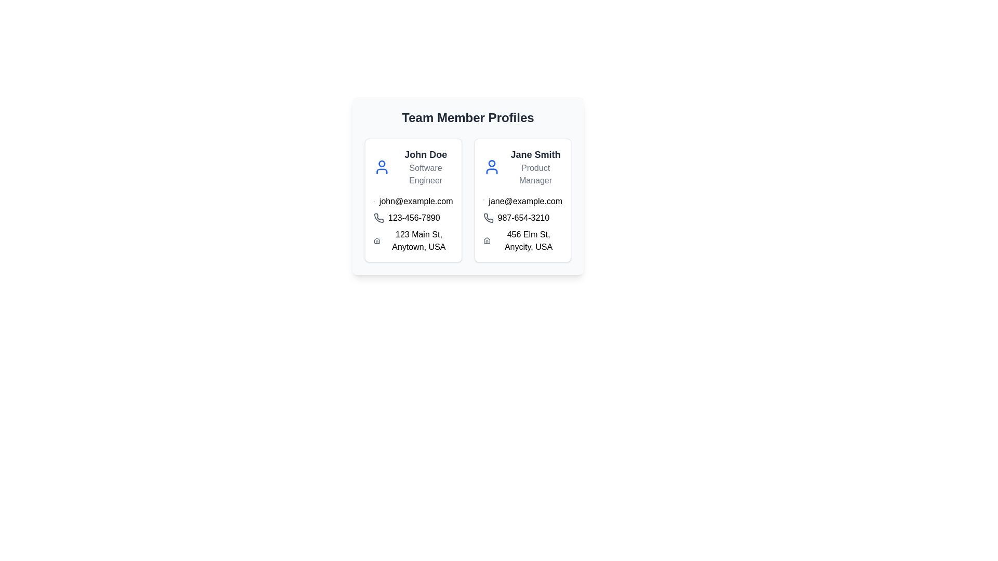 The image size is (998, 561). I want to click on the phone icon located to the left of the phone number '123-456-7890' in the profile of 'John Doe' under the 'Team Member Profiles' section, so click(378, 218).